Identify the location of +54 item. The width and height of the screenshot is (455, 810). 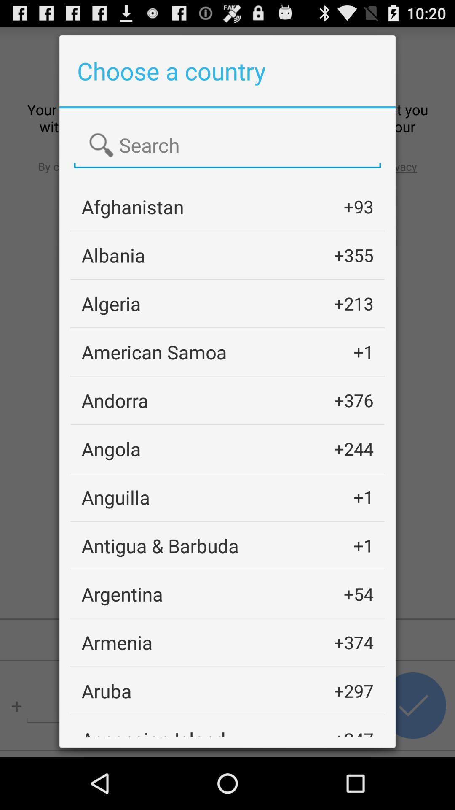
(359, 594).